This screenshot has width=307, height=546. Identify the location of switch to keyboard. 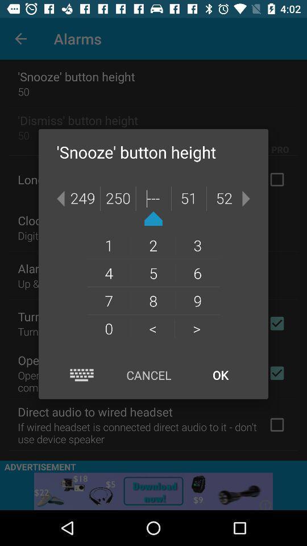
(81, 374).